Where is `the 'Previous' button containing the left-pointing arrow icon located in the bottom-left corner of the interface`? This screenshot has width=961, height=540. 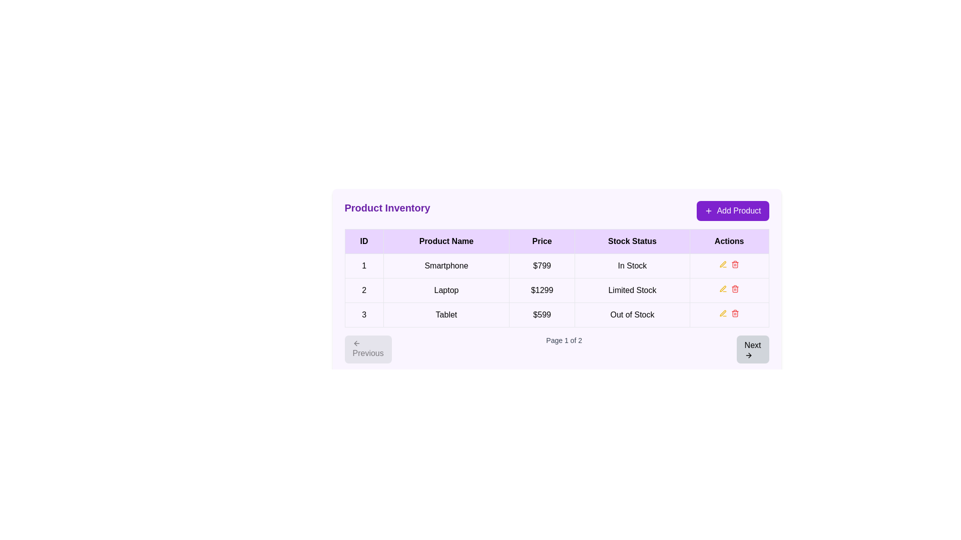
the 'Previous' button containing the left-pointing arrow icon located in the bottom-left corner of the interface is located at coordinates (355, 342).